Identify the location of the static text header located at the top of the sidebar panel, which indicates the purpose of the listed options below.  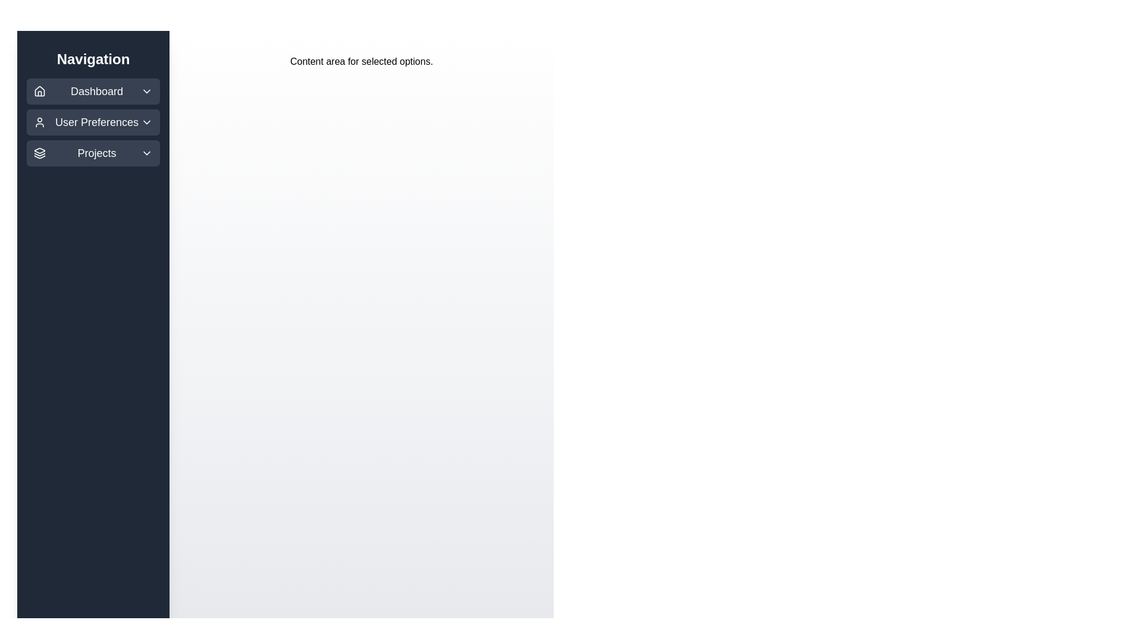
(93, 59).